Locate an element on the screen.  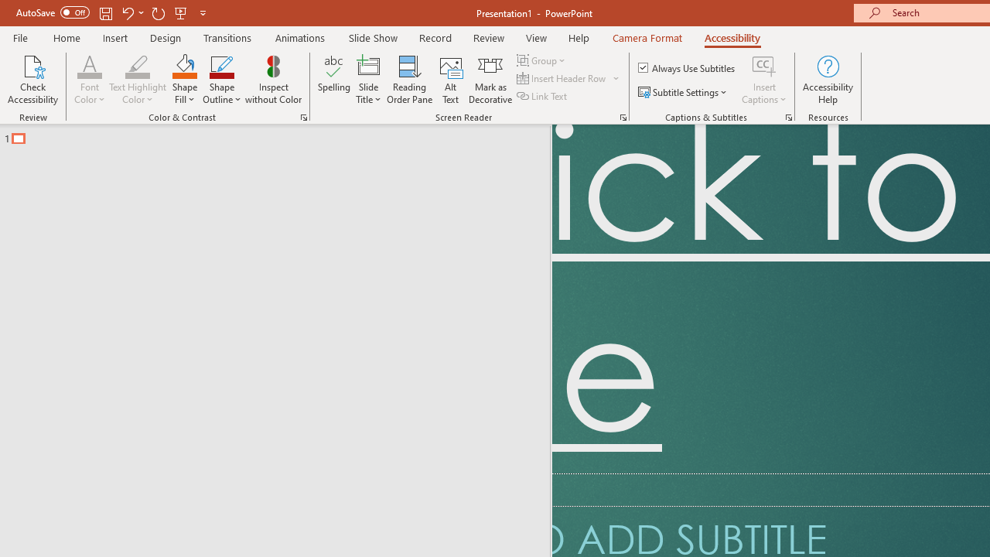
'Screen Reader' is located at coordinates (623, 116).